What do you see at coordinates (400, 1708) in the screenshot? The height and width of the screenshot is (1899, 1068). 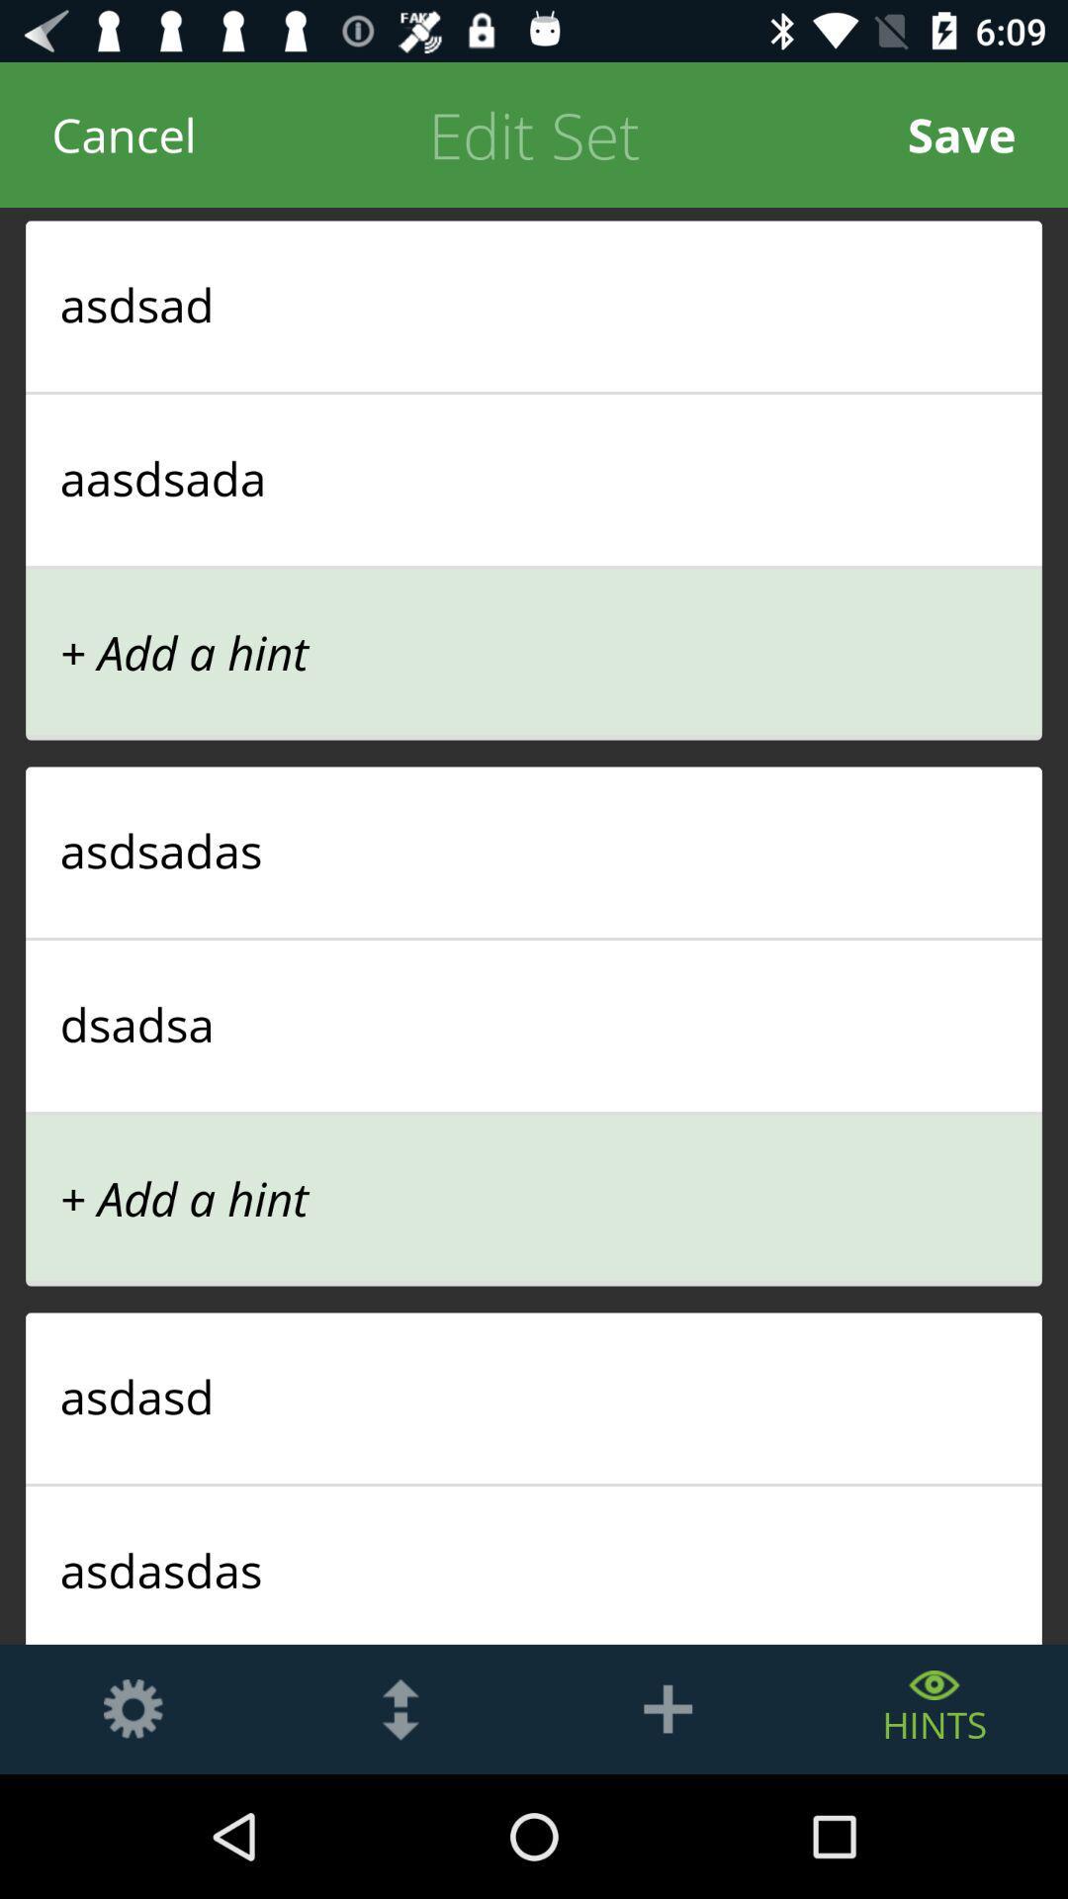 I see `up and down` at bounding box center [400, 1708].